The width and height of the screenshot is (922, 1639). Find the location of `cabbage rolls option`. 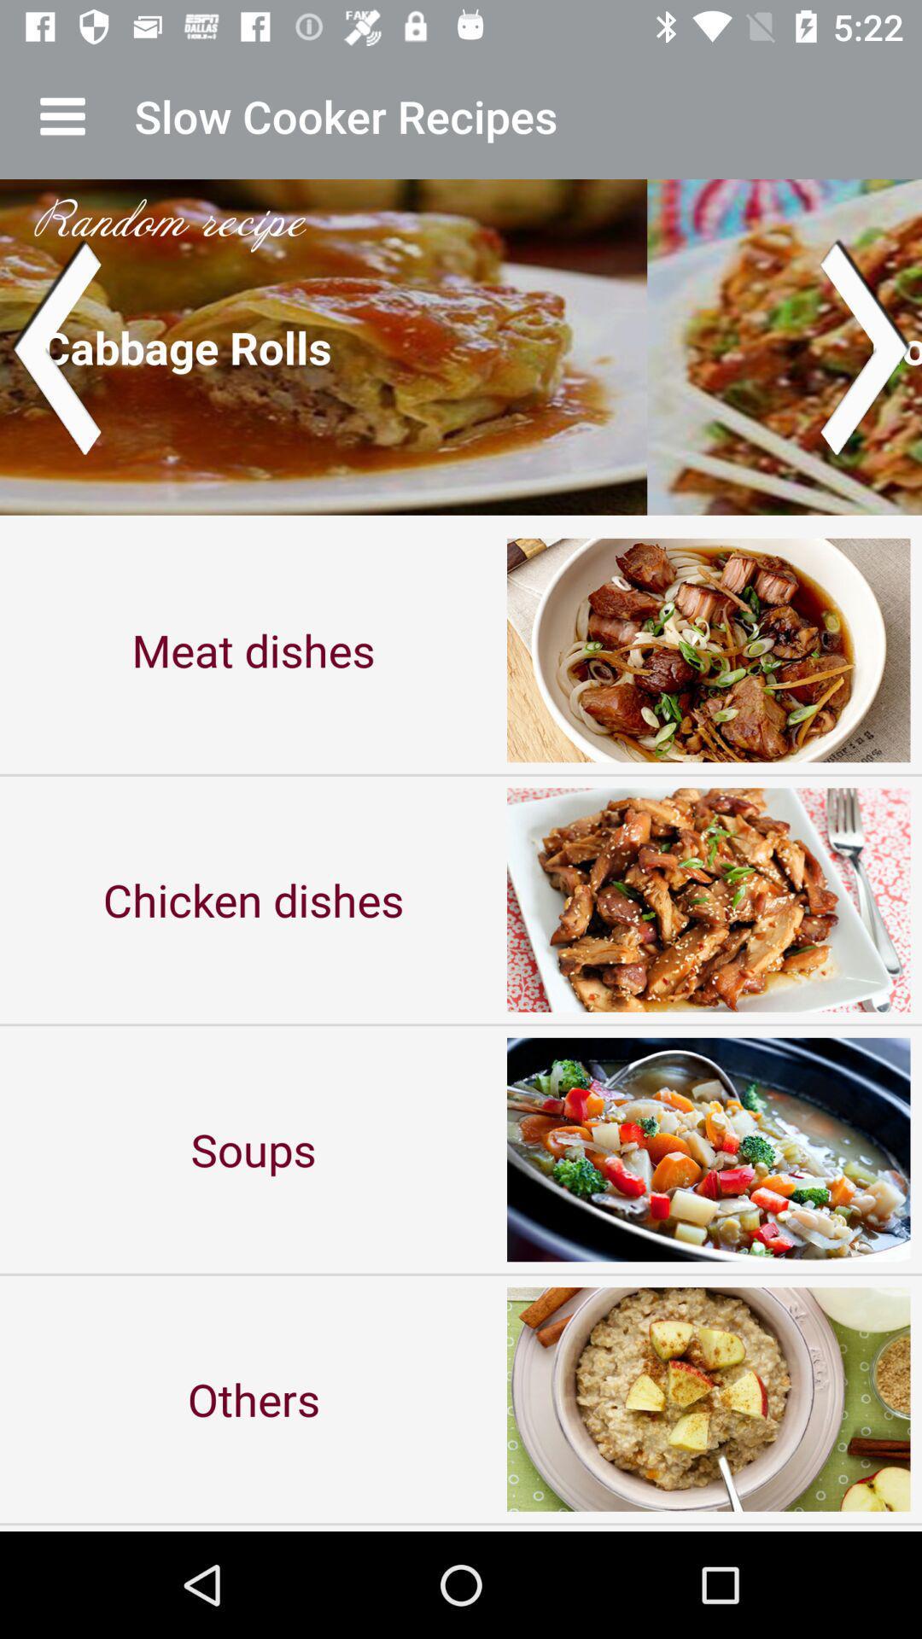

cabbage rolls option is located at coordinates (461, 346).